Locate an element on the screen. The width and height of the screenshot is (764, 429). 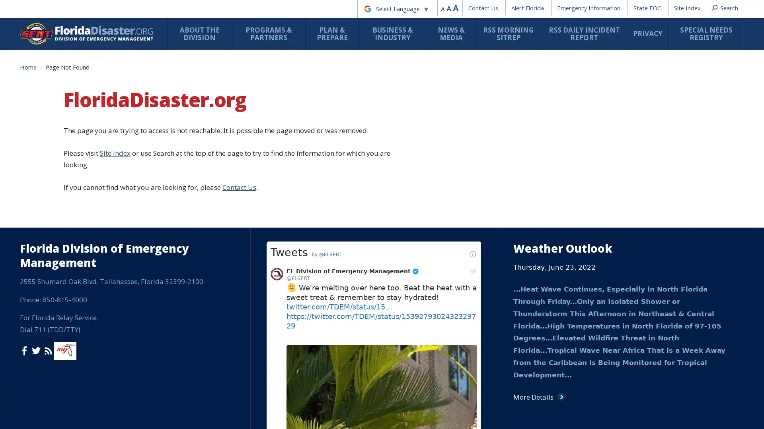
Toggle More is located at coordinates (399, 412).